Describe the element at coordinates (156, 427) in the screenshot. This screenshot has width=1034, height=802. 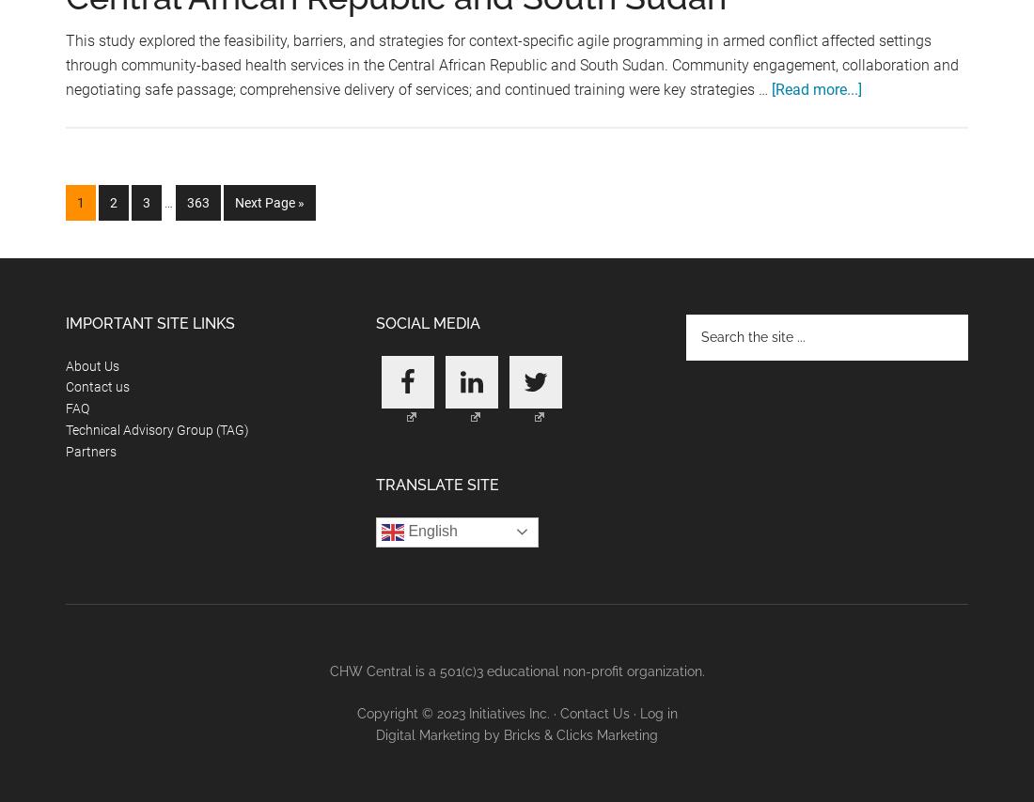
I see `'Technical Advisory Group (TAG)'` at that location.